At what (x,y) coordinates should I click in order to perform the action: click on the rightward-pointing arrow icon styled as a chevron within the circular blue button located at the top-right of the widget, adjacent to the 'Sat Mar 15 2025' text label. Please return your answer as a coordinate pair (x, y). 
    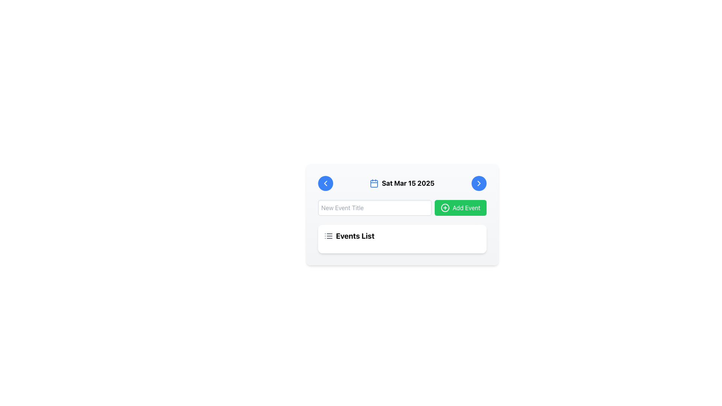
    Looking at the image, I should click on (478, 183).